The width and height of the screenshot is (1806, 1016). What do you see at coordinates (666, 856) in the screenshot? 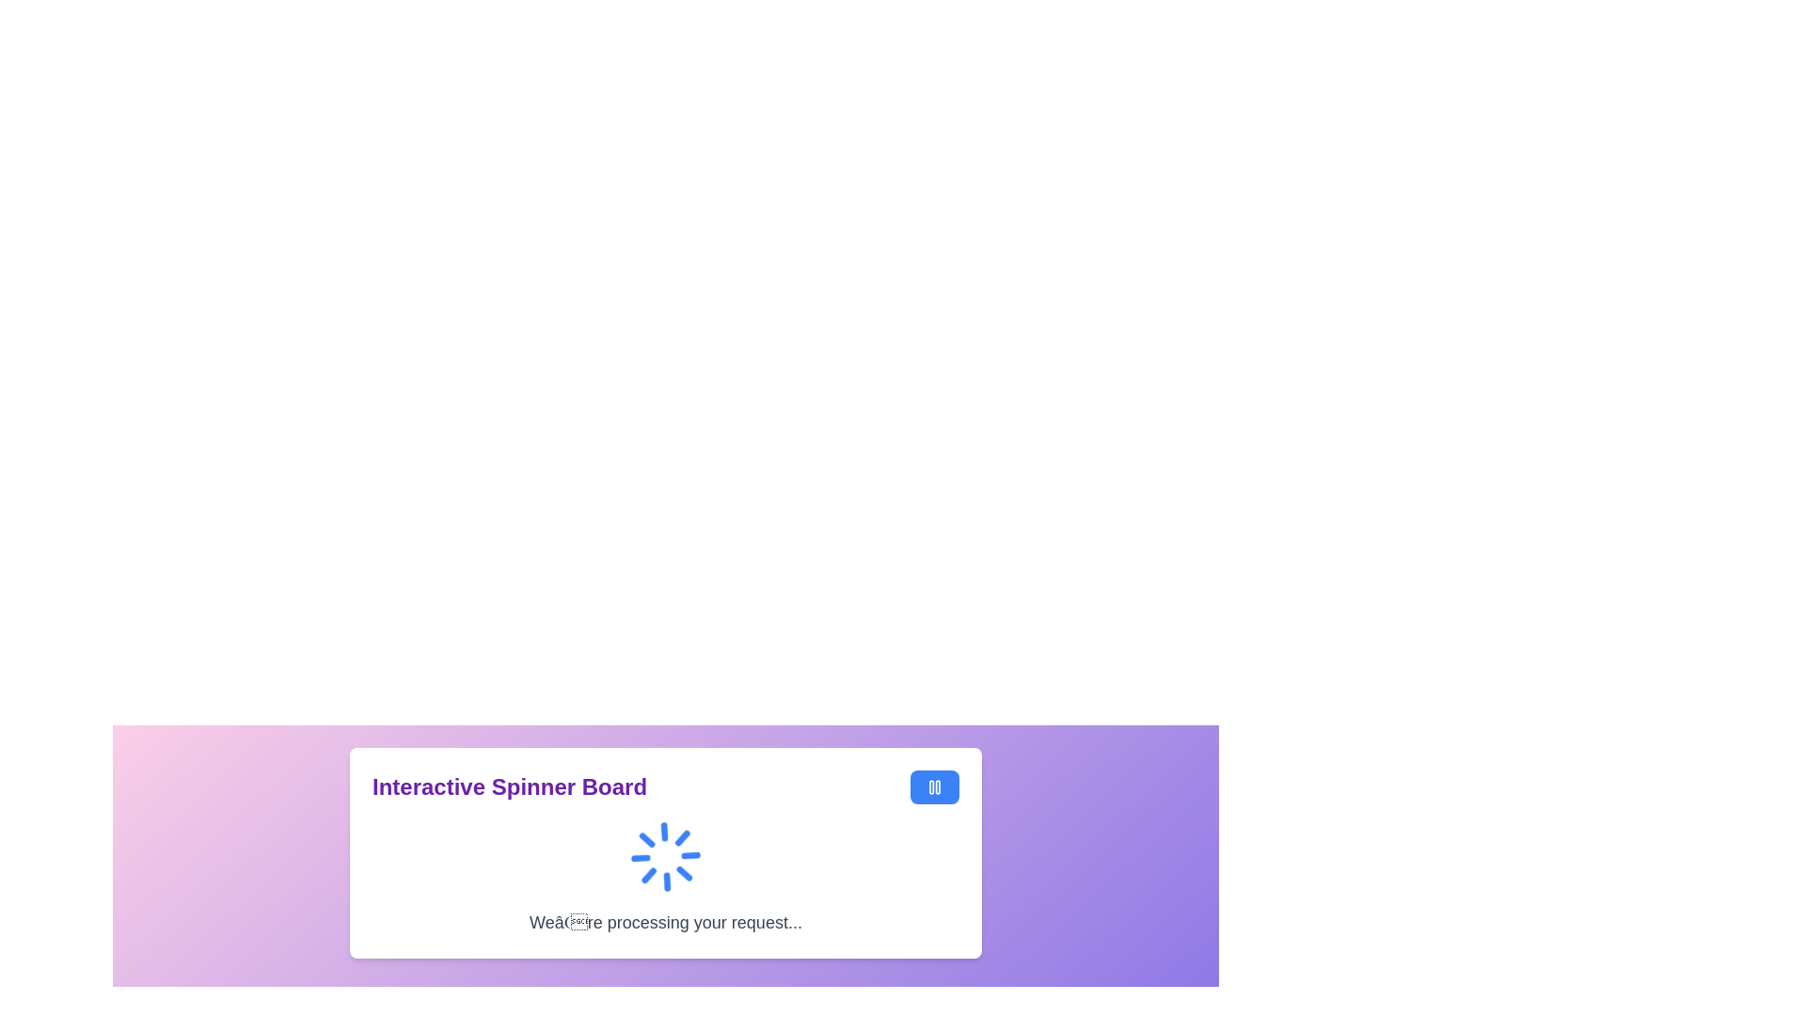
I see `the loading spinner located in the center of the white card panel under the title 'Interactive Spinner Board' to indicate that a process is underway` at bounding box center [666, 856].